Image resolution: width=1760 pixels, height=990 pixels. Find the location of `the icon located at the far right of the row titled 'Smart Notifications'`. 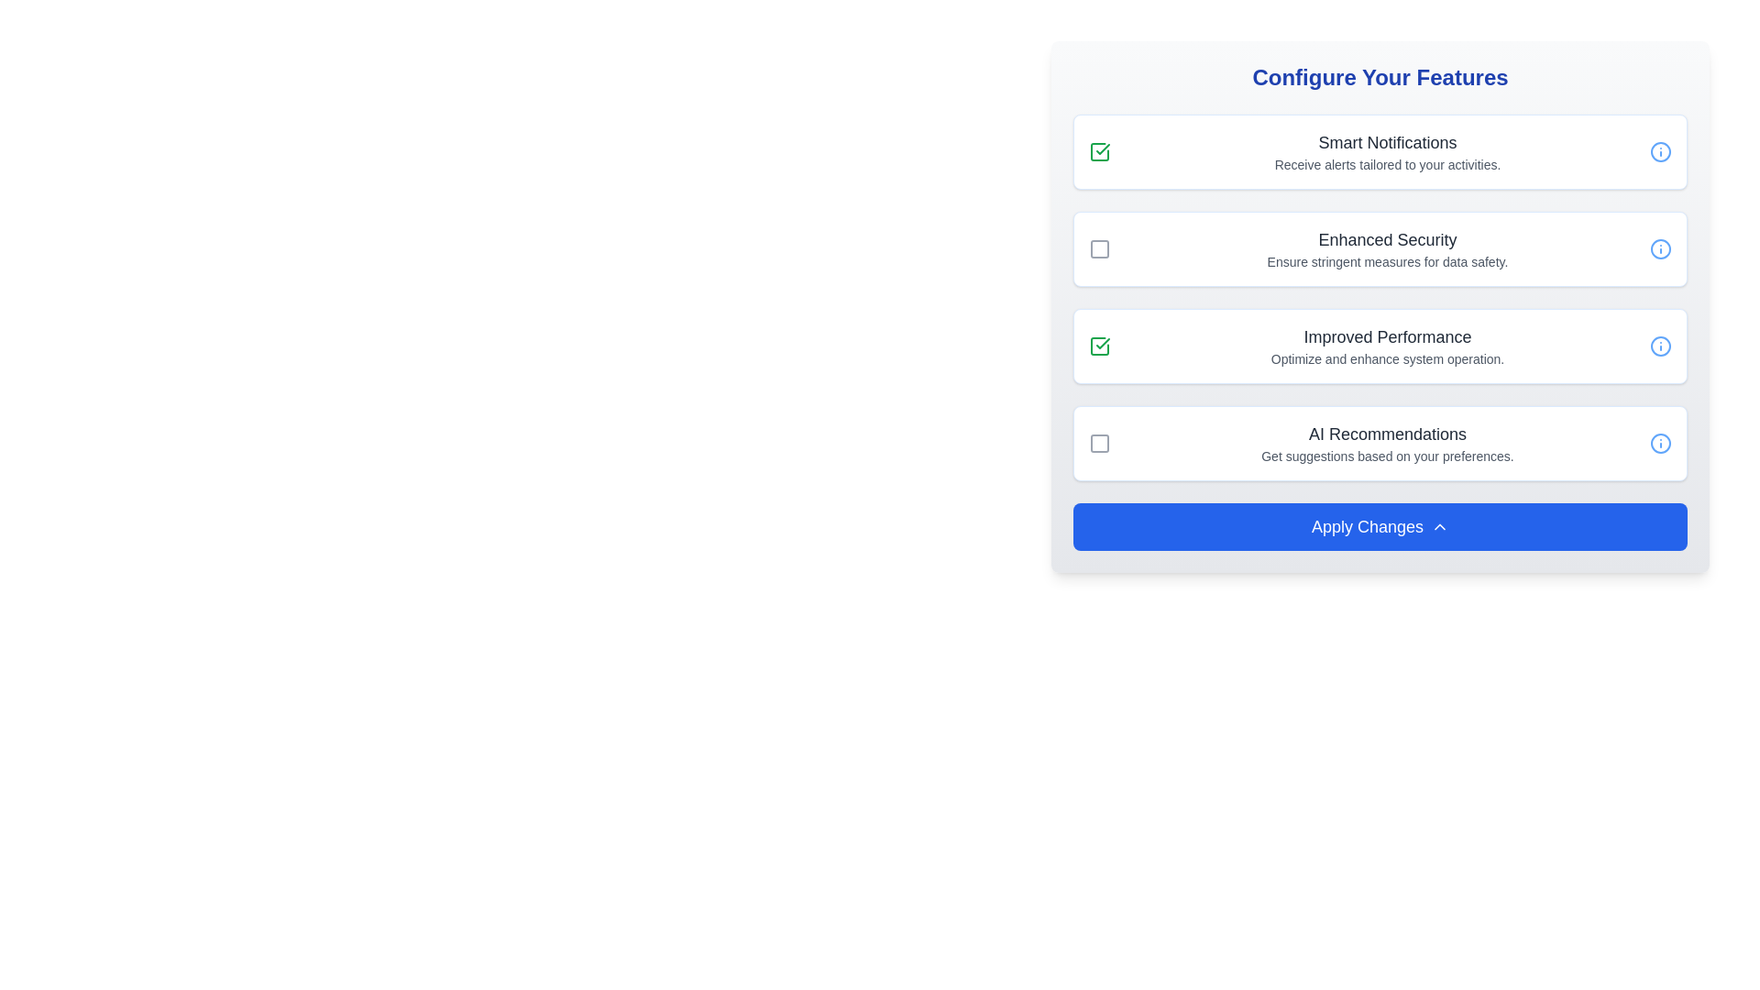

the icon located at the far right of the row titled 'Smart Notifications' is located at coordinates (1660, 150).